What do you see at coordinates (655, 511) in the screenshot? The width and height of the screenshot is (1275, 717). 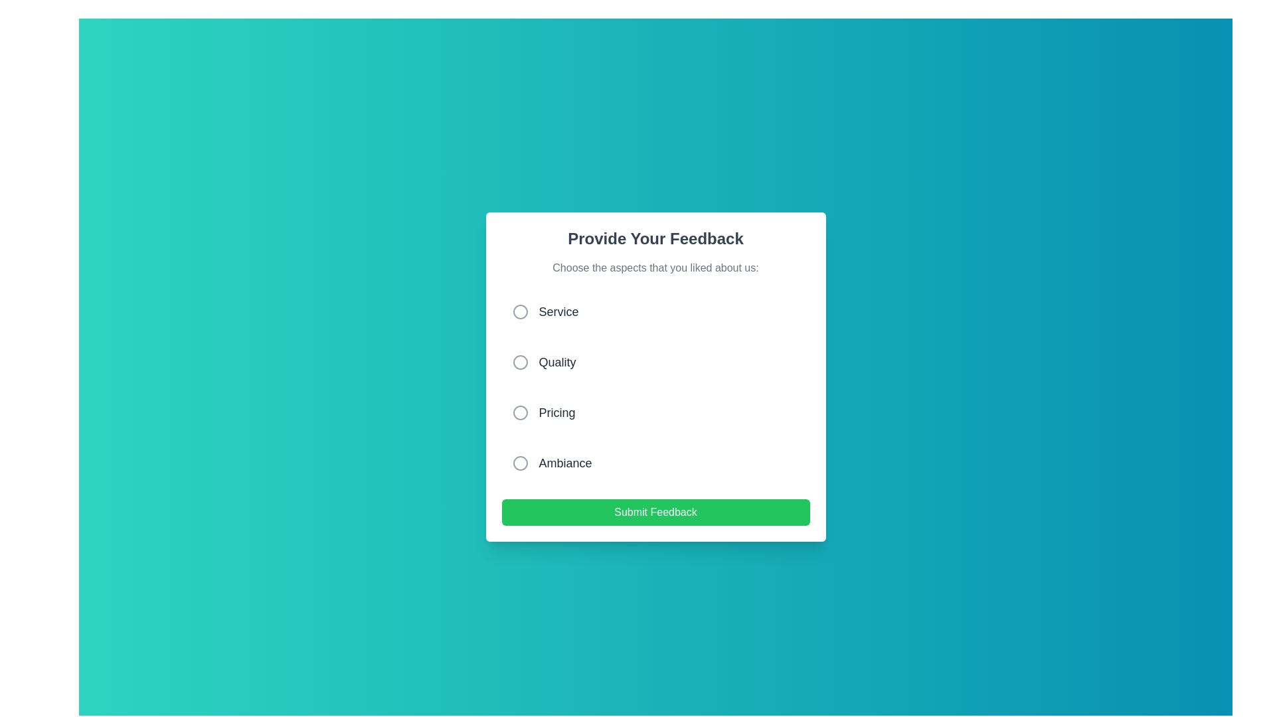 I see `'Submit Feedback' button to submit the form` at bounding box center [655, 511].